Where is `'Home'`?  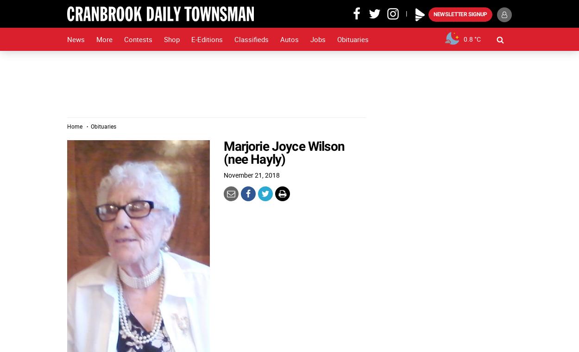
'Home' is located at coordinates (75, 126).